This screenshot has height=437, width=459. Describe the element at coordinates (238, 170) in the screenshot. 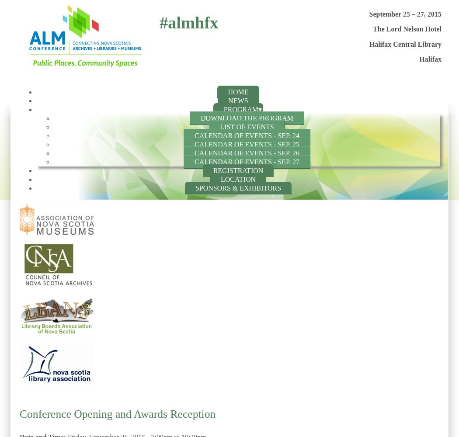

I see `'Registration'` at that location.